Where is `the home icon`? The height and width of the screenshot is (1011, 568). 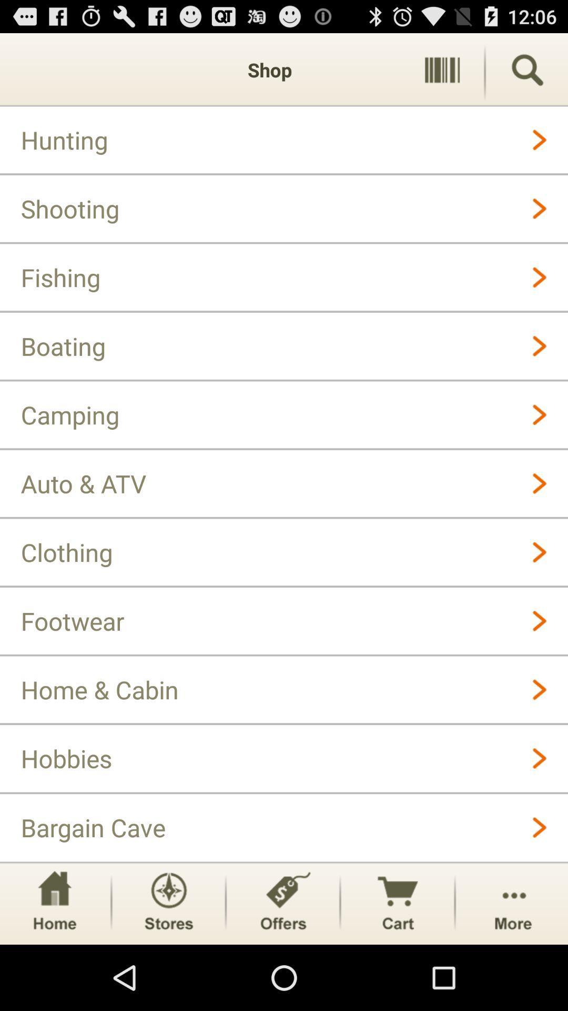 the home icon is located at coordinates (54, 966).